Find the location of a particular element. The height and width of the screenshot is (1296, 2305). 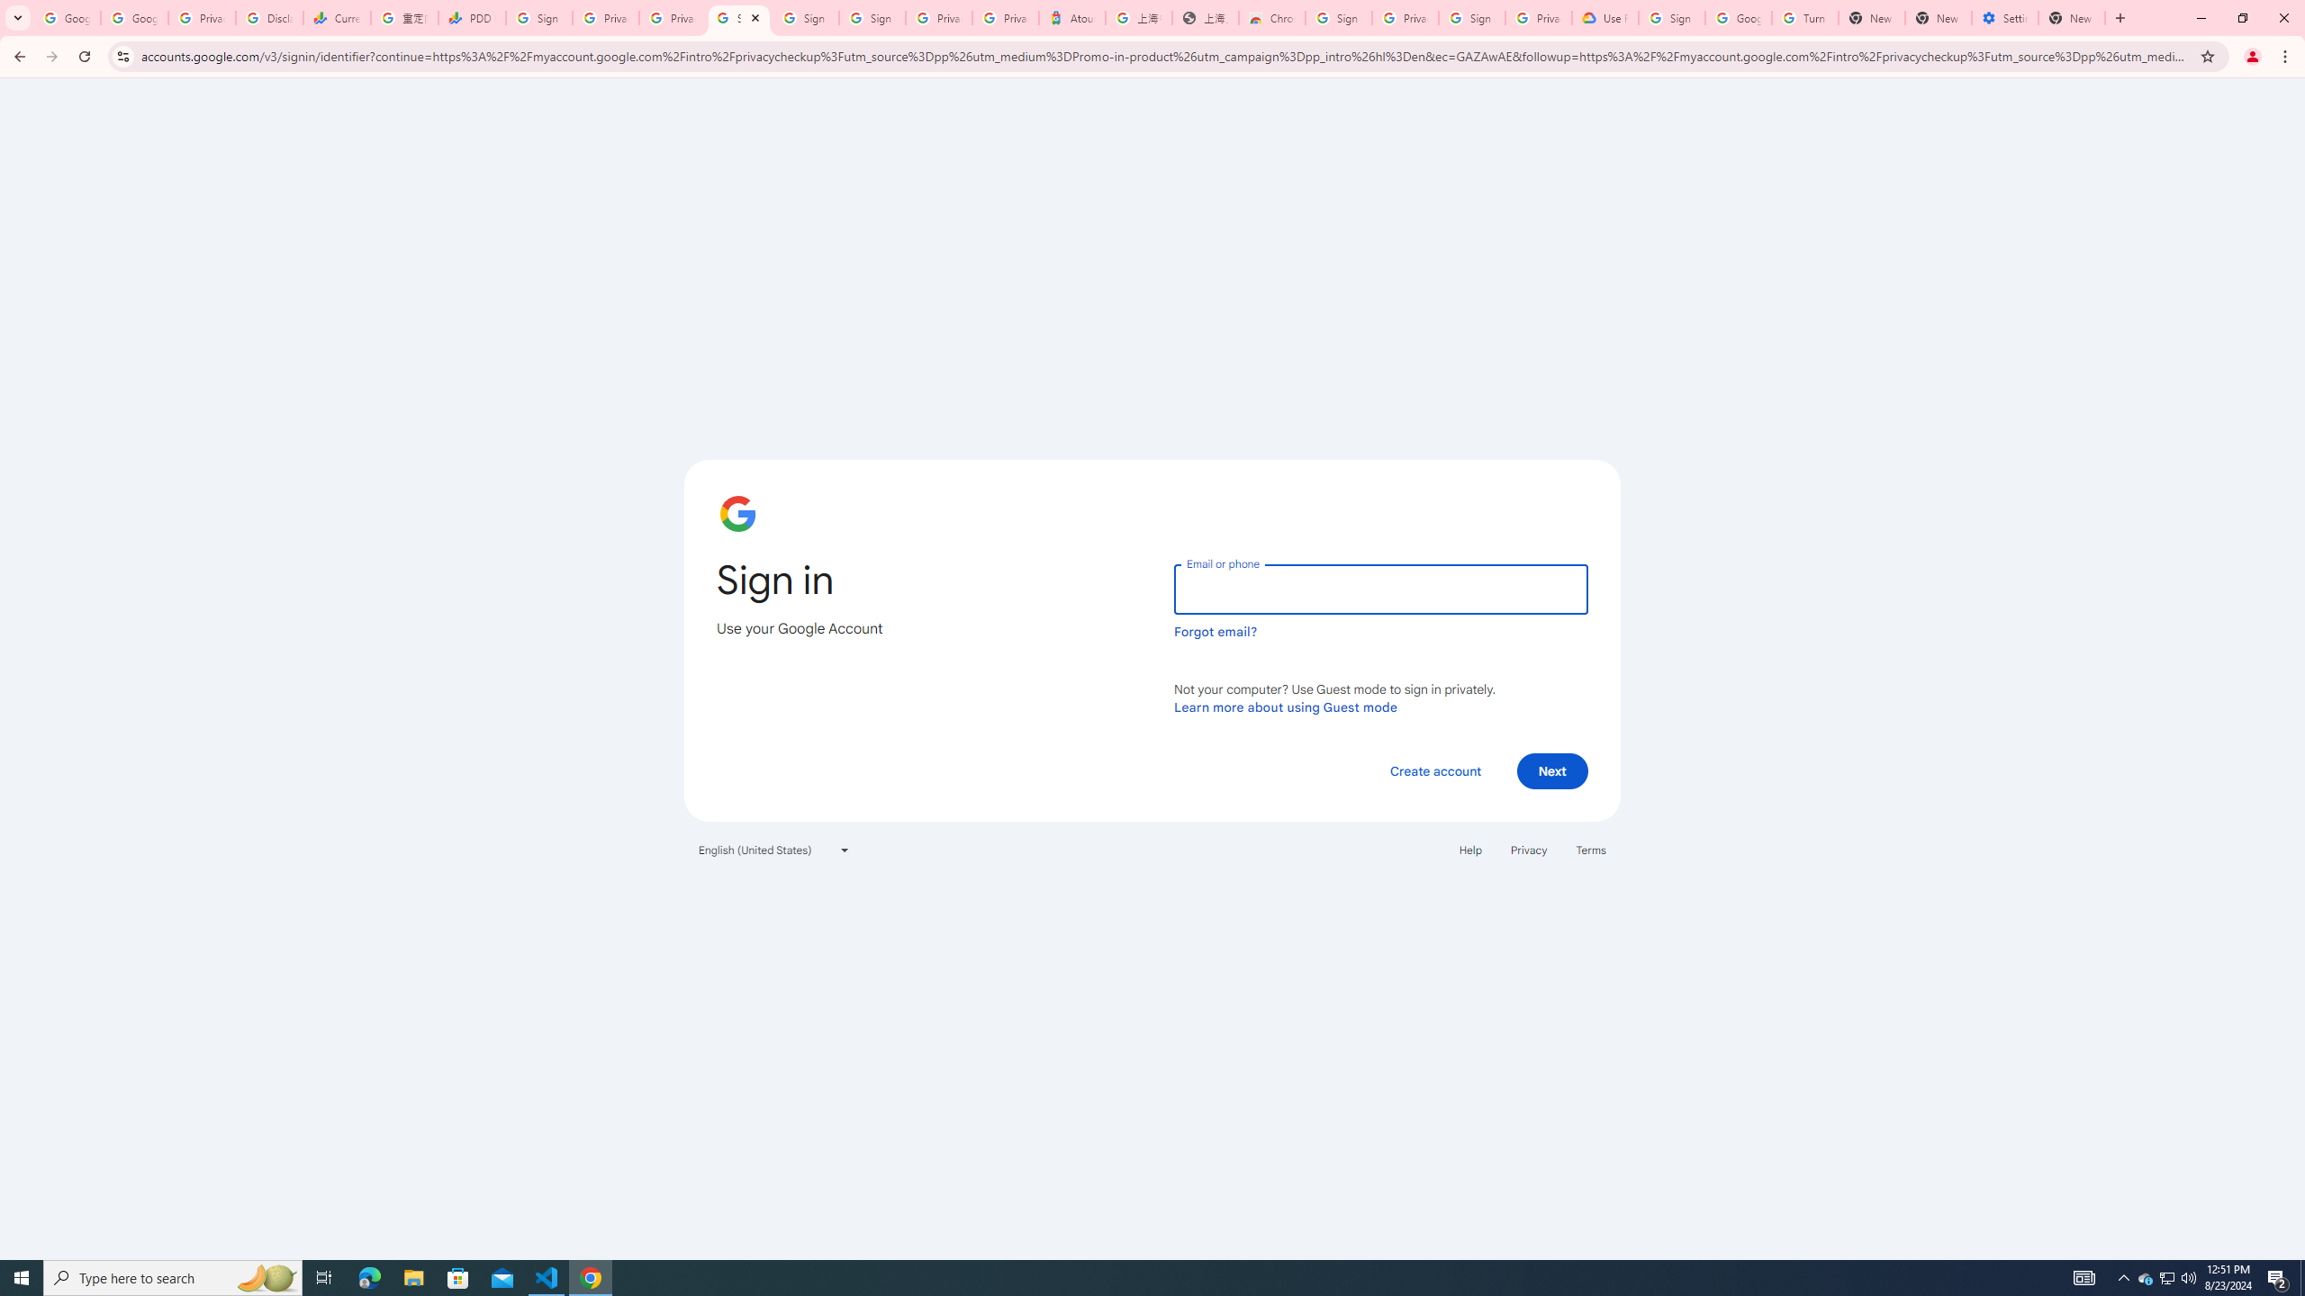

'English (United States)' is located at coordinates (774, 848).